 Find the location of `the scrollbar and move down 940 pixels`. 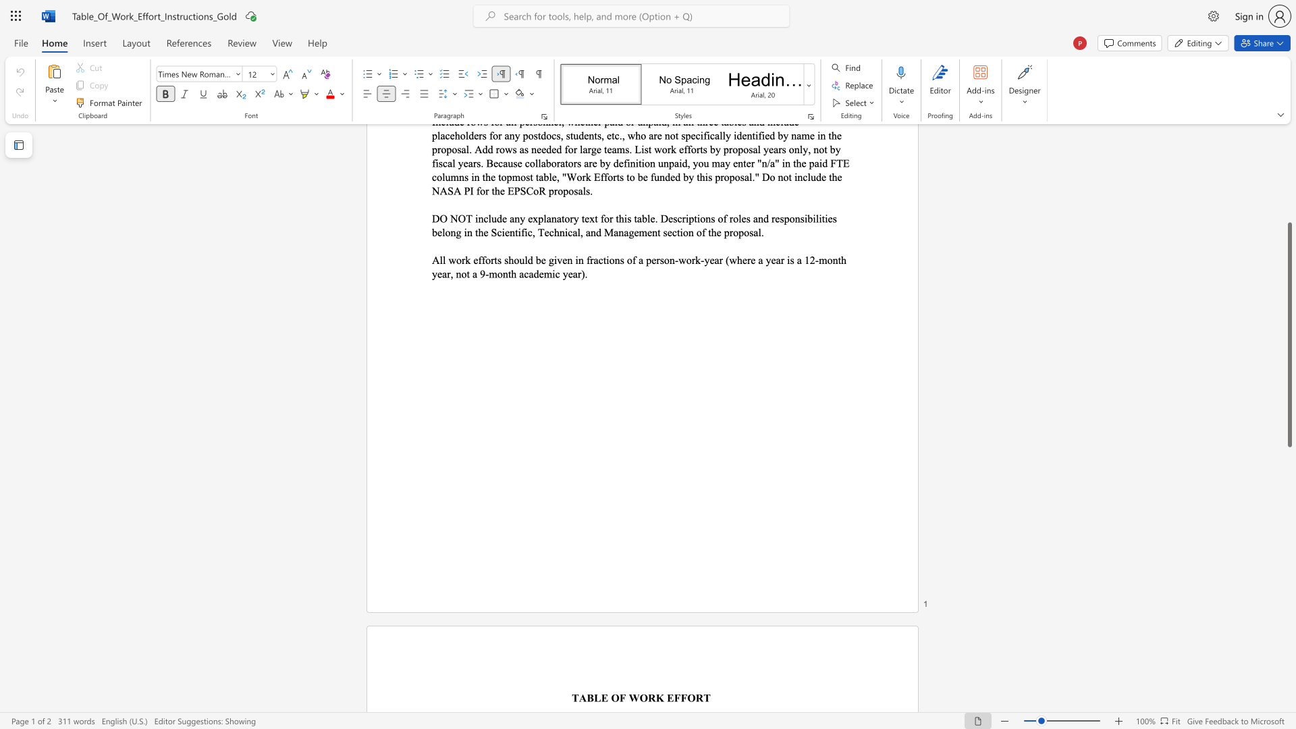

the scrollbar and move down 940 pixels is located at coordinates (1289, 334).